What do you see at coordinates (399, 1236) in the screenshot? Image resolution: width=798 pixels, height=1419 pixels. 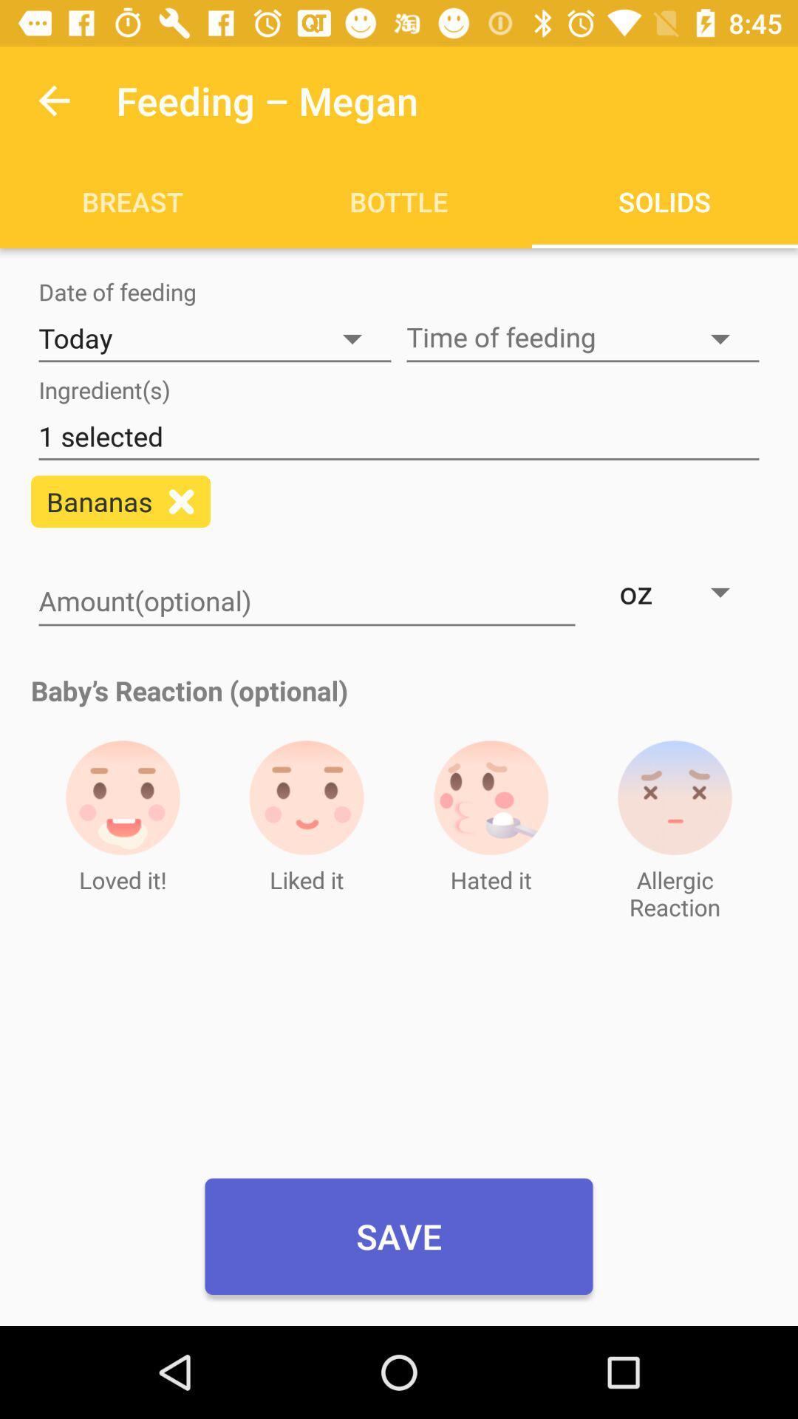 I see `item below liked it` at bounding box center [399, 1236].